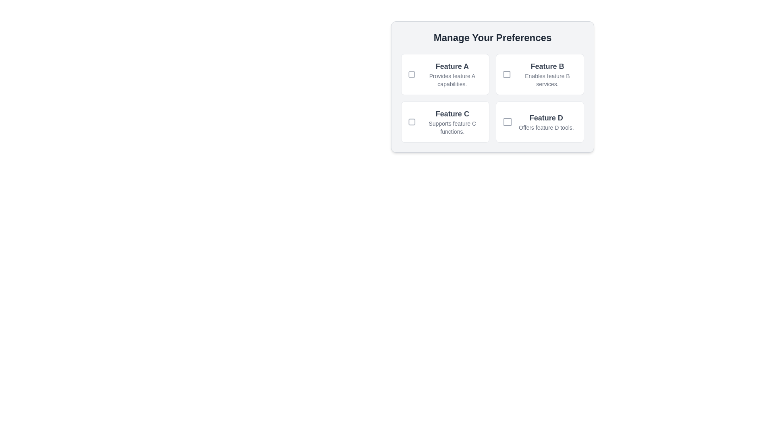  What do you see at coordinates (452, 127) in the screenshot?
I see `the text label displaying 'Supports feature C functions.' which is located directly underneath the heading 'Feature C' in the bottom row, second column of the grid` at bounding box center [452, 127].